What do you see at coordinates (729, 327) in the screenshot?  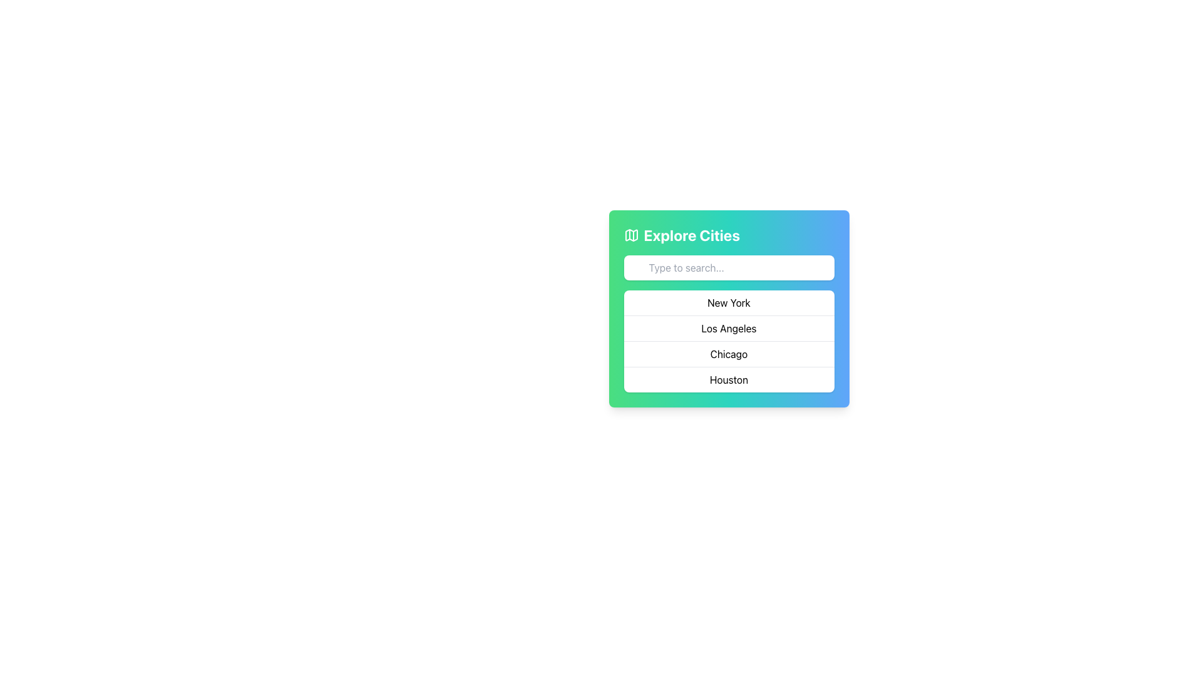 I see `the label representing 'Los Angeles', the second option in the list of cities in the city exploration interface` at bounding box center [729, 327].